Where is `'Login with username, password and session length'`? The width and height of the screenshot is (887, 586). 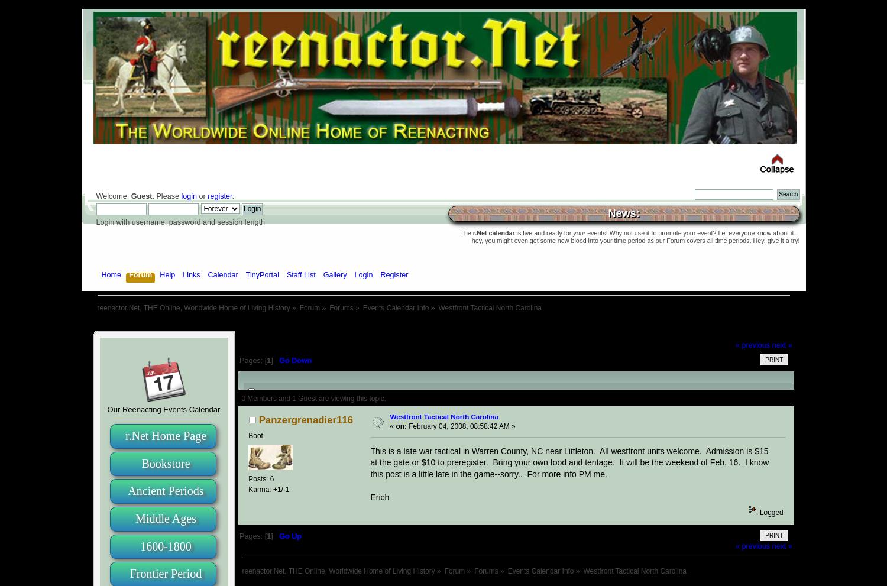
'Login with username, password and session length' is located at coordinates (180, 221).